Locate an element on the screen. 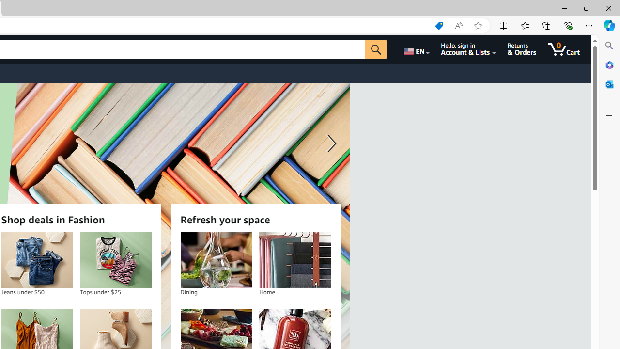 The width and height of the screenshot is (620, 349). 'Tops under $25' is located at coordinates (116, 259).